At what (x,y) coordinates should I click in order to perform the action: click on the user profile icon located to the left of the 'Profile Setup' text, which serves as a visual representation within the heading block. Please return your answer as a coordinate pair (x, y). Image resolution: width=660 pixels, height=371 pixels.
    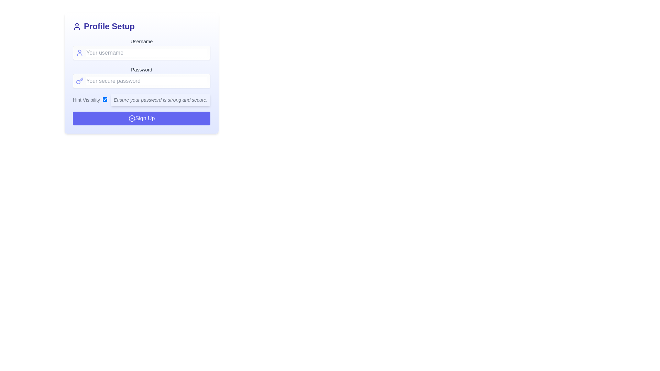
    Looking at the image, I should click on (77, 26).